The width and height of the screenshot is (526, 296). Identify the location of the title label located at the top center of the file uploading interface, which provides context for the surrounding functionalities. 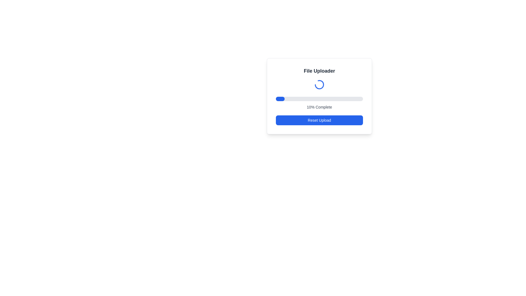
(319, 70).